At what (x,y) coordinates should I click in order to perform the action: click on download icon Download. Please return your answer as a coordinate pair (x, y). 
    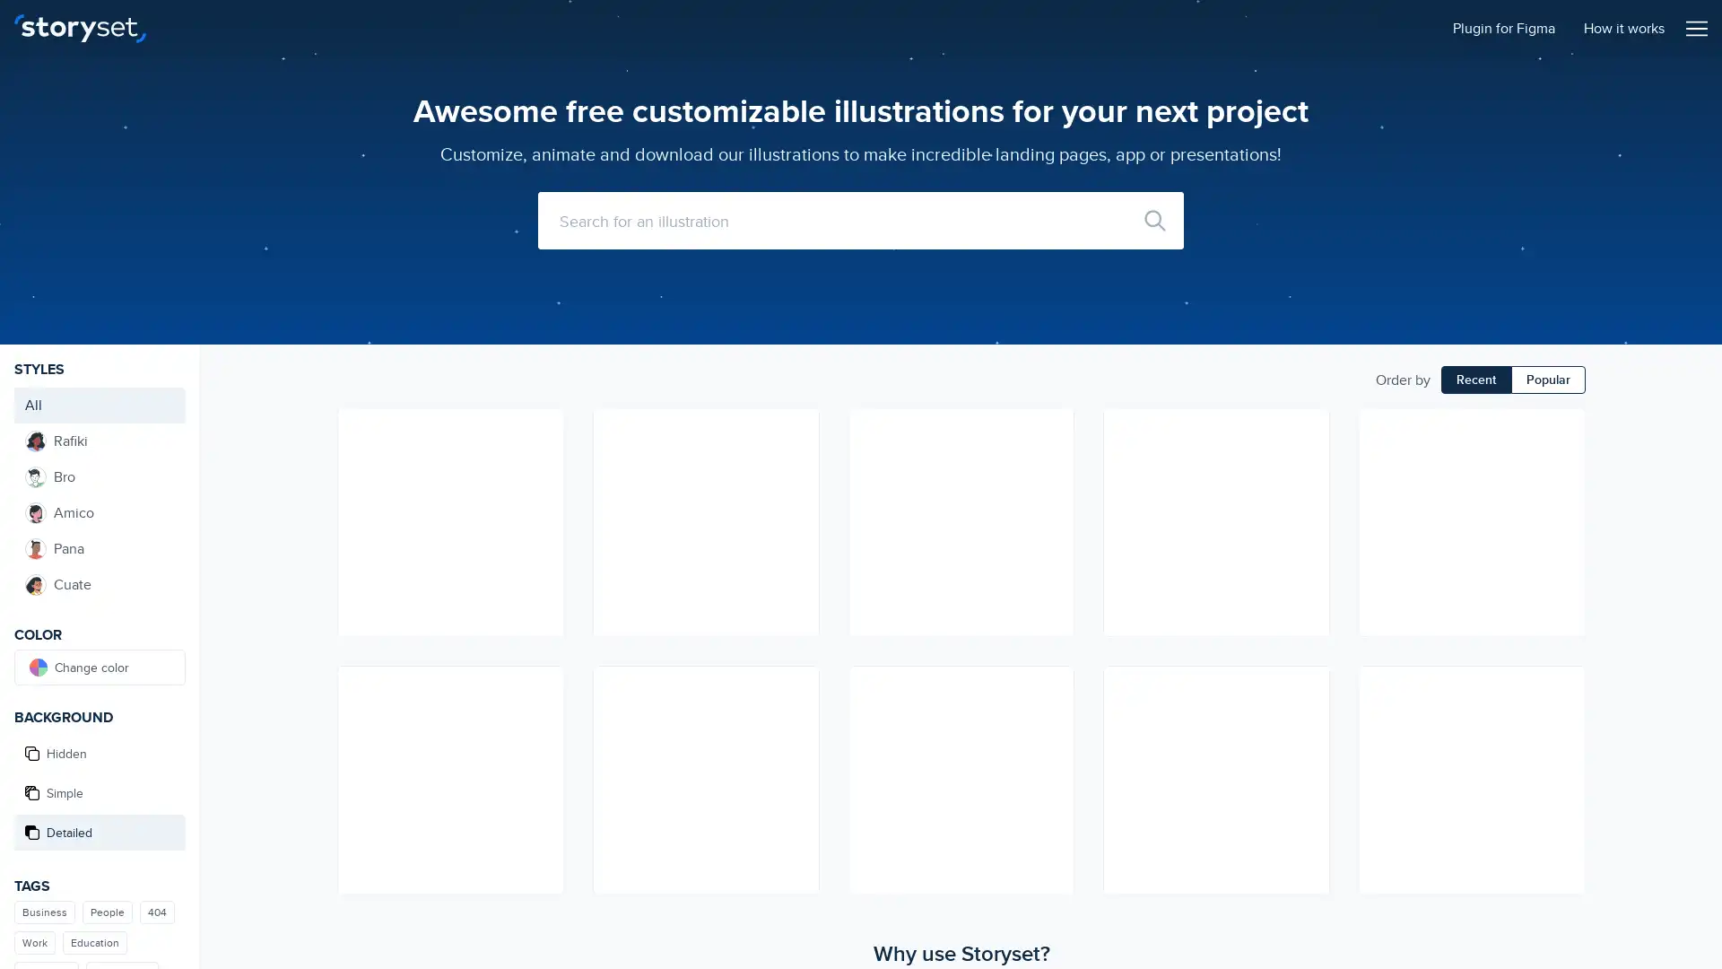
    Looking at the image, I should click on (1561, 462).